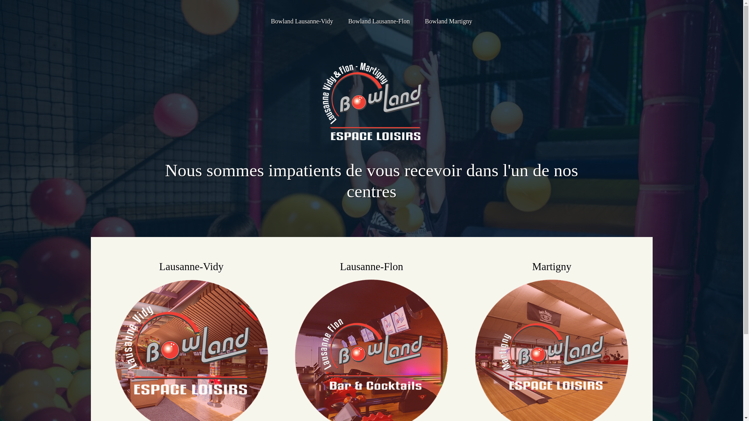 The image size is (749, 421). Describe the element at coordinates (301, 21) in the screenshot. I see `'Bowland Lausanne-Vidy'` at that location.